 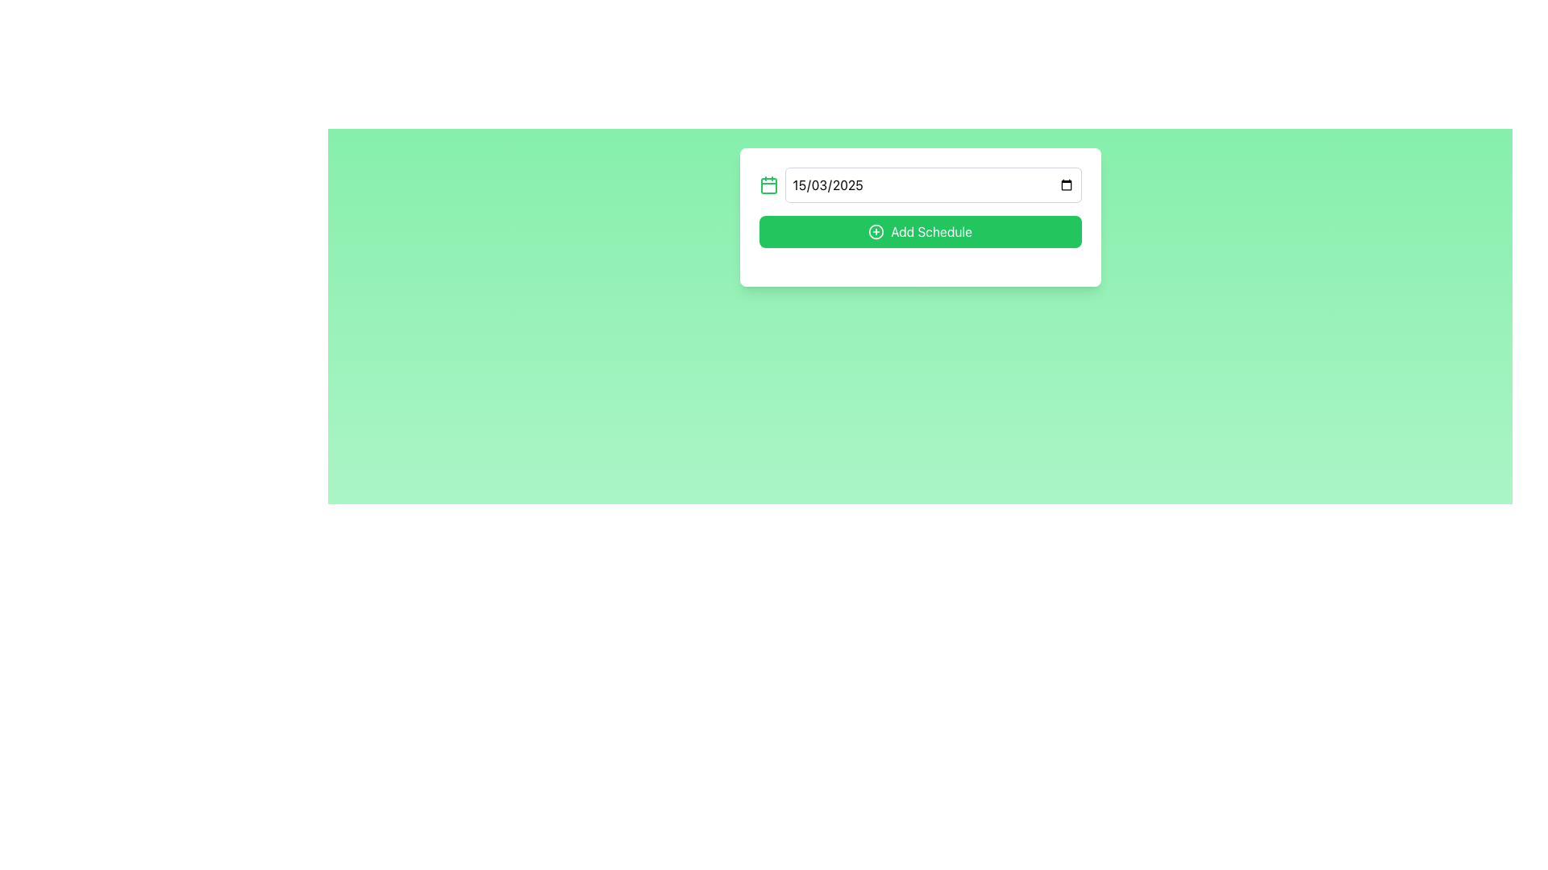 I want to click on the green calendar icon located to the left of the date entry field displaying '15/03/2025', so click(x=768, y=184).